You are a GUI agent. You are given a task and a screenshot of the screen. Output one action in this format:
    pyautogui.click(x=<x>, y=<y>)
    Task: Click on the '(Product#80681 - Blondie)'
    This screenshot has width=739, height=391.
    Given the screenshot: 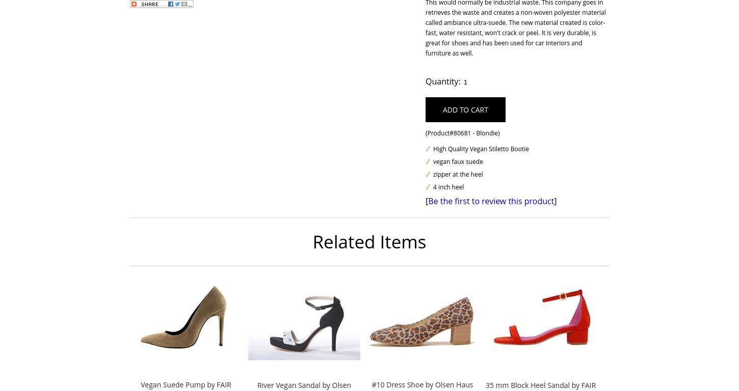 What is the action you would take?
    pyautogui.click(x=462, y=132)
    